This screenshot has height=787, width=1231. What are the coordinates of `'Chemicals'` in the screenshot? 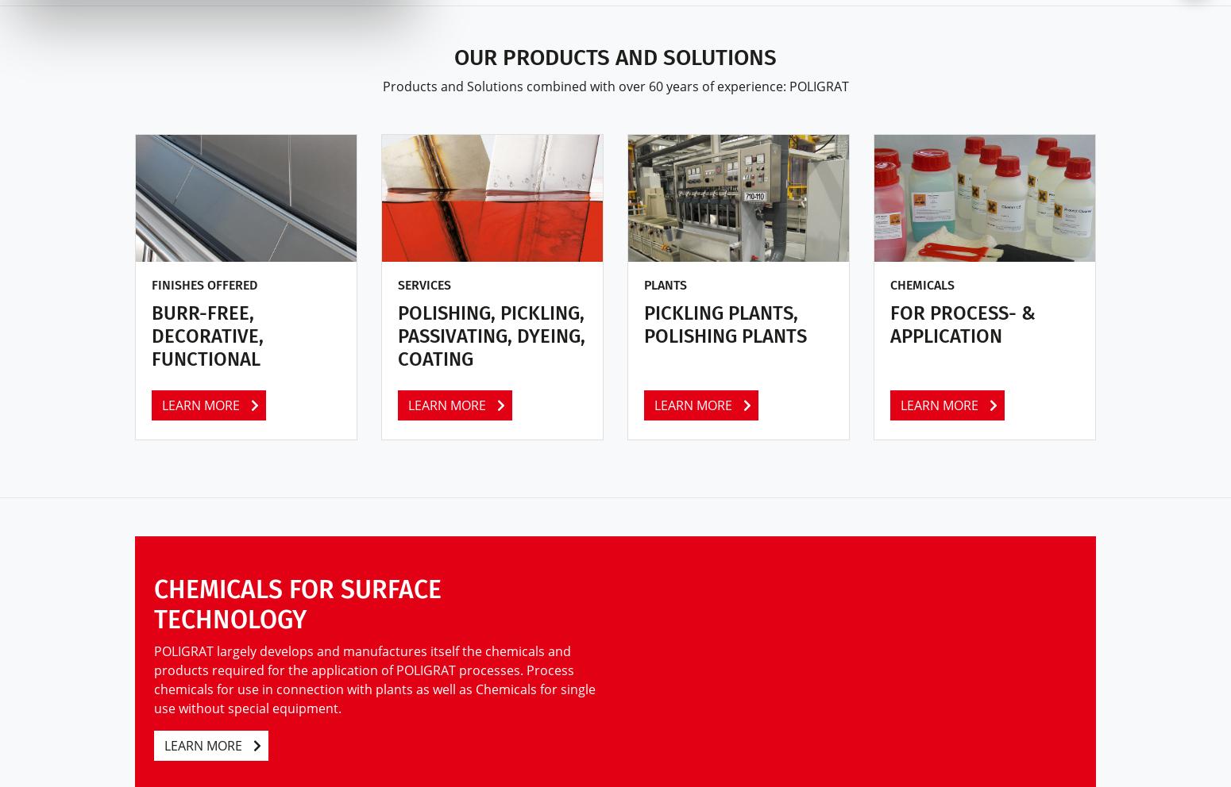 It's located at (921, 283).